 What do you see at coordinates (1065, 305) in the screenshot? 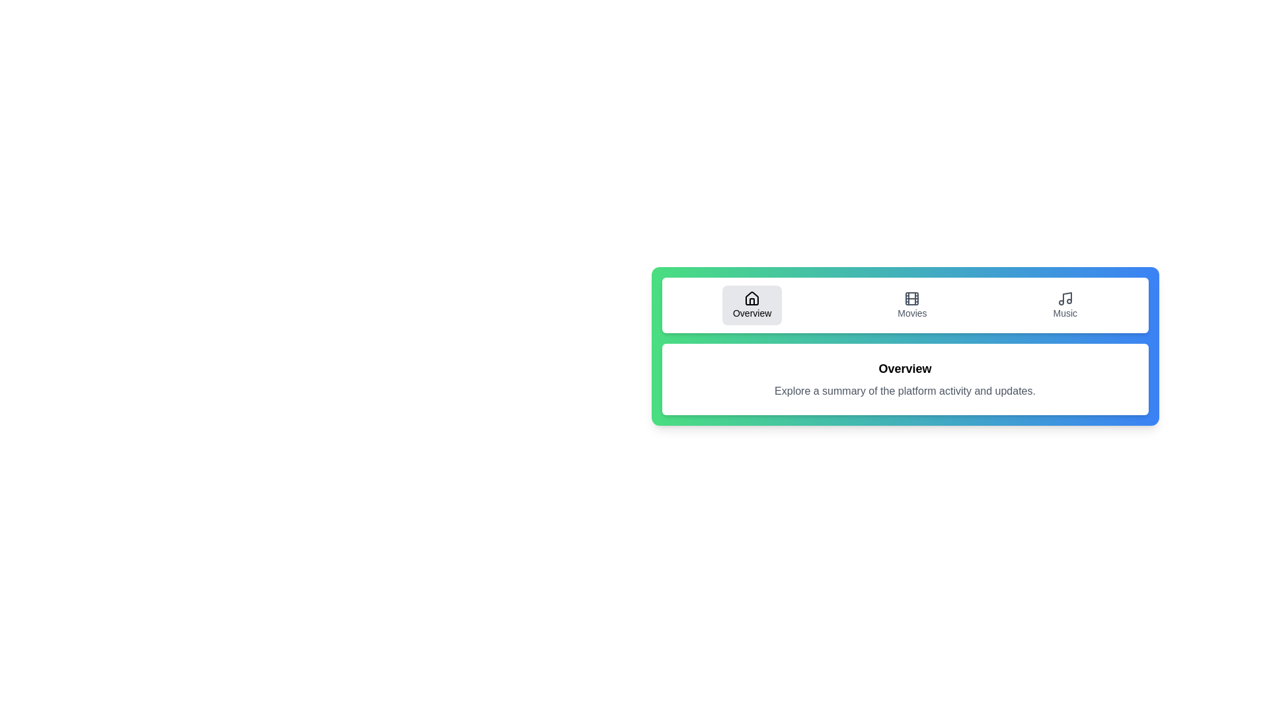
I see `the tab with title Music to observe its hover effect` at bounding box center [1065, 305].